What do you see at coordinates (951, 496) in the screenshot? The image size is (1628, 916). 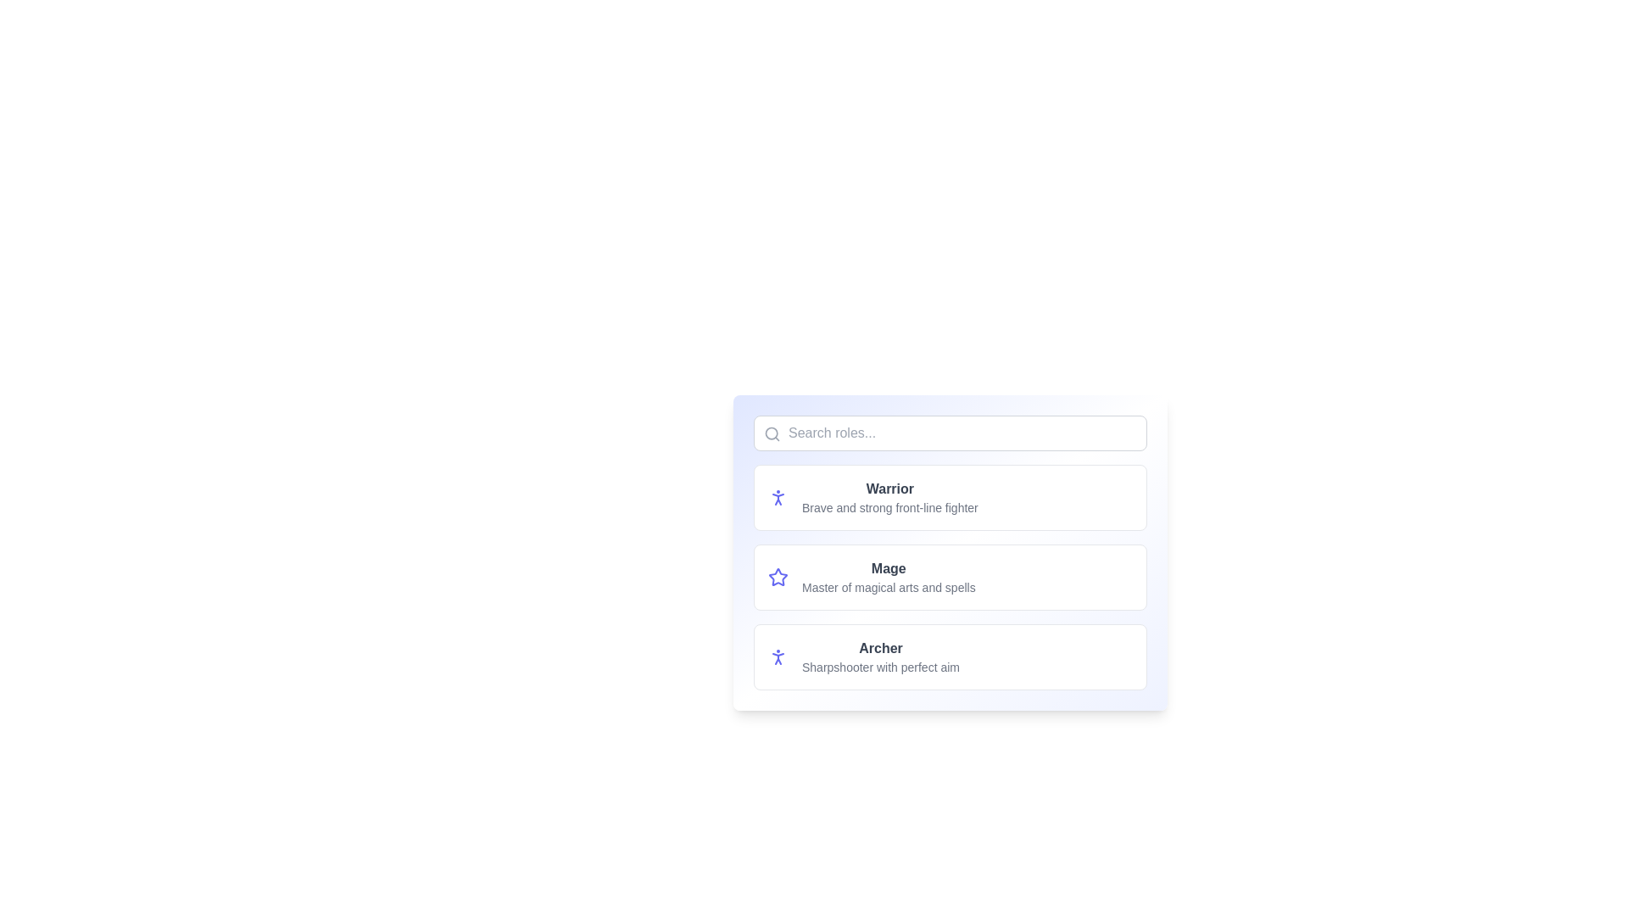 I see `the selectable item labeled 'Warrior'` at bounding box center [951, 496].